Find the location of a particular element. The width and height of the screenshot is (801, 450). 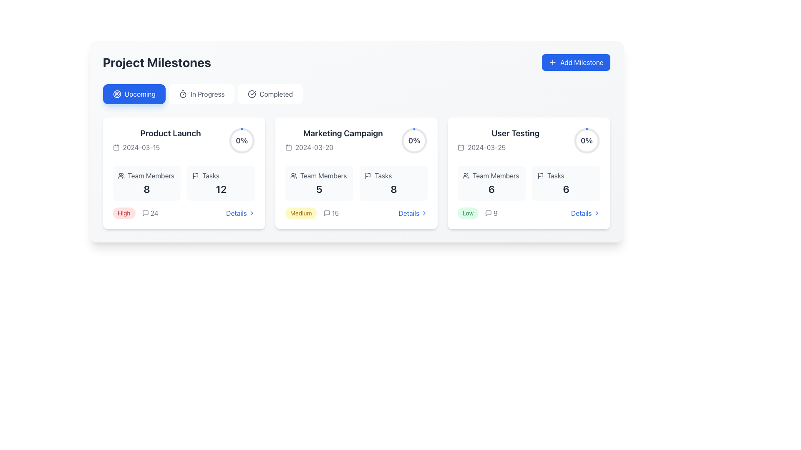

the Date display indicating the due date for the milestone 'User Testing', which is positioned beneath the title 'User Testing' in the third column of the milestone section is located at coordinates (515, 147).